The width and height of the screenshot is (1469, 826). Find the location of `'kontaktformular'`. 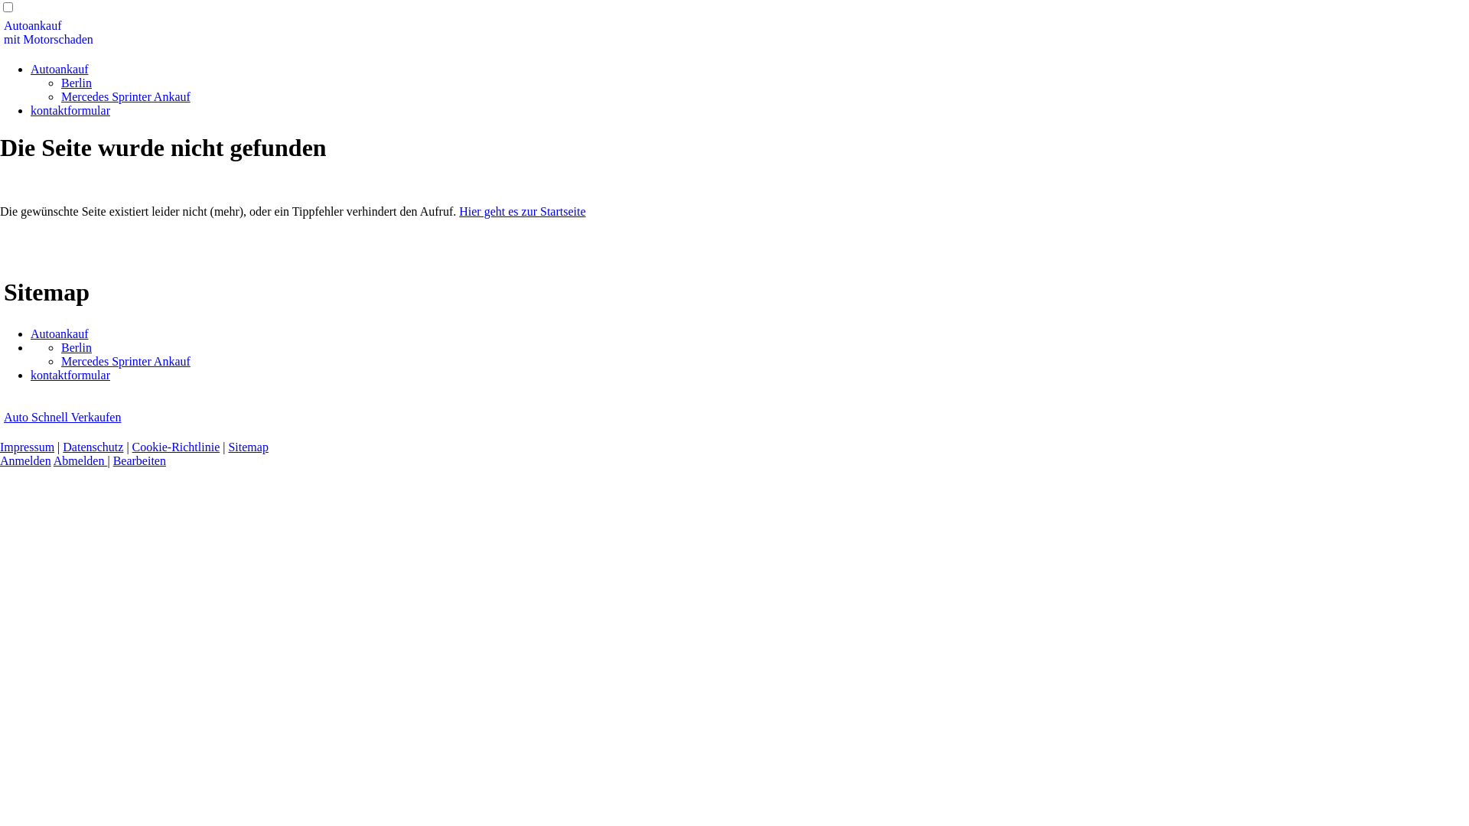

'kontaktformular' is located at coordinates (30, 109).